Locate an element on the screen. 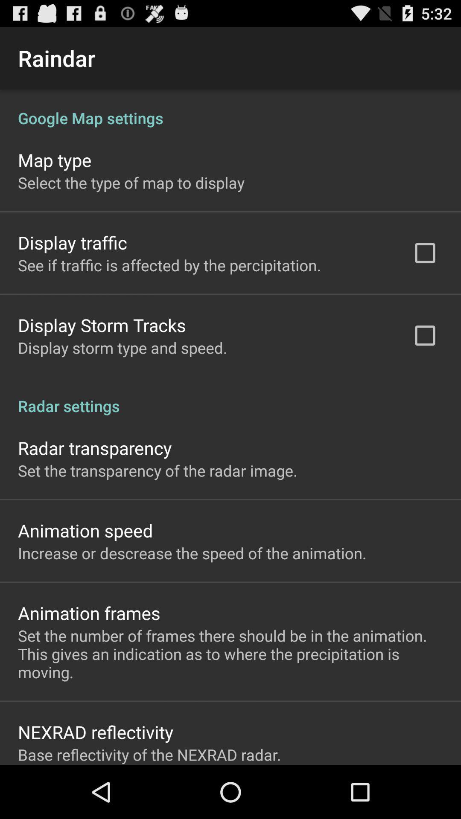  see if traffic icon is located at coordinates (169, 264).